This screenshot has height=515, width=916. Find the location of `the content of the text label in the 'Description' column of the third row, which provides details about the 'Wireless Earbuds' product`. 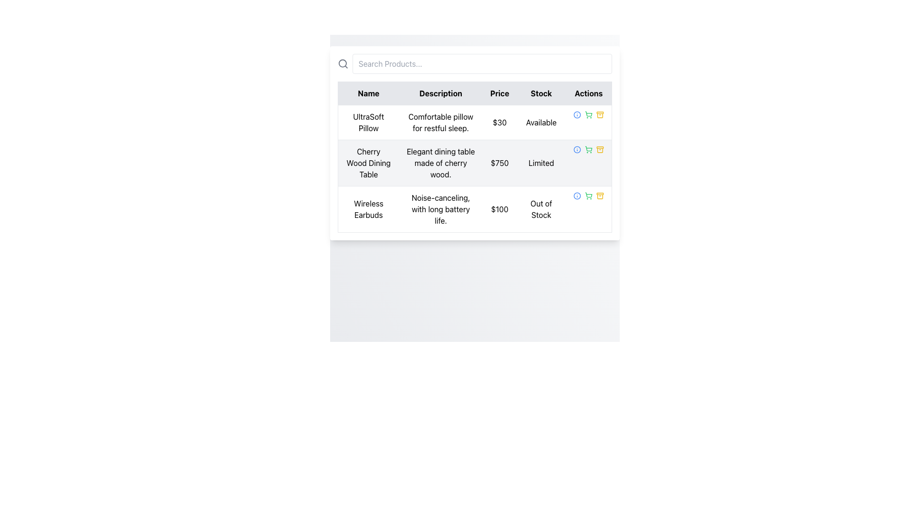

the content of the text label in the 'Description' column of the third row, which provides details about the 'Wireless Earbuds' product is located at coordinates (440, 209).